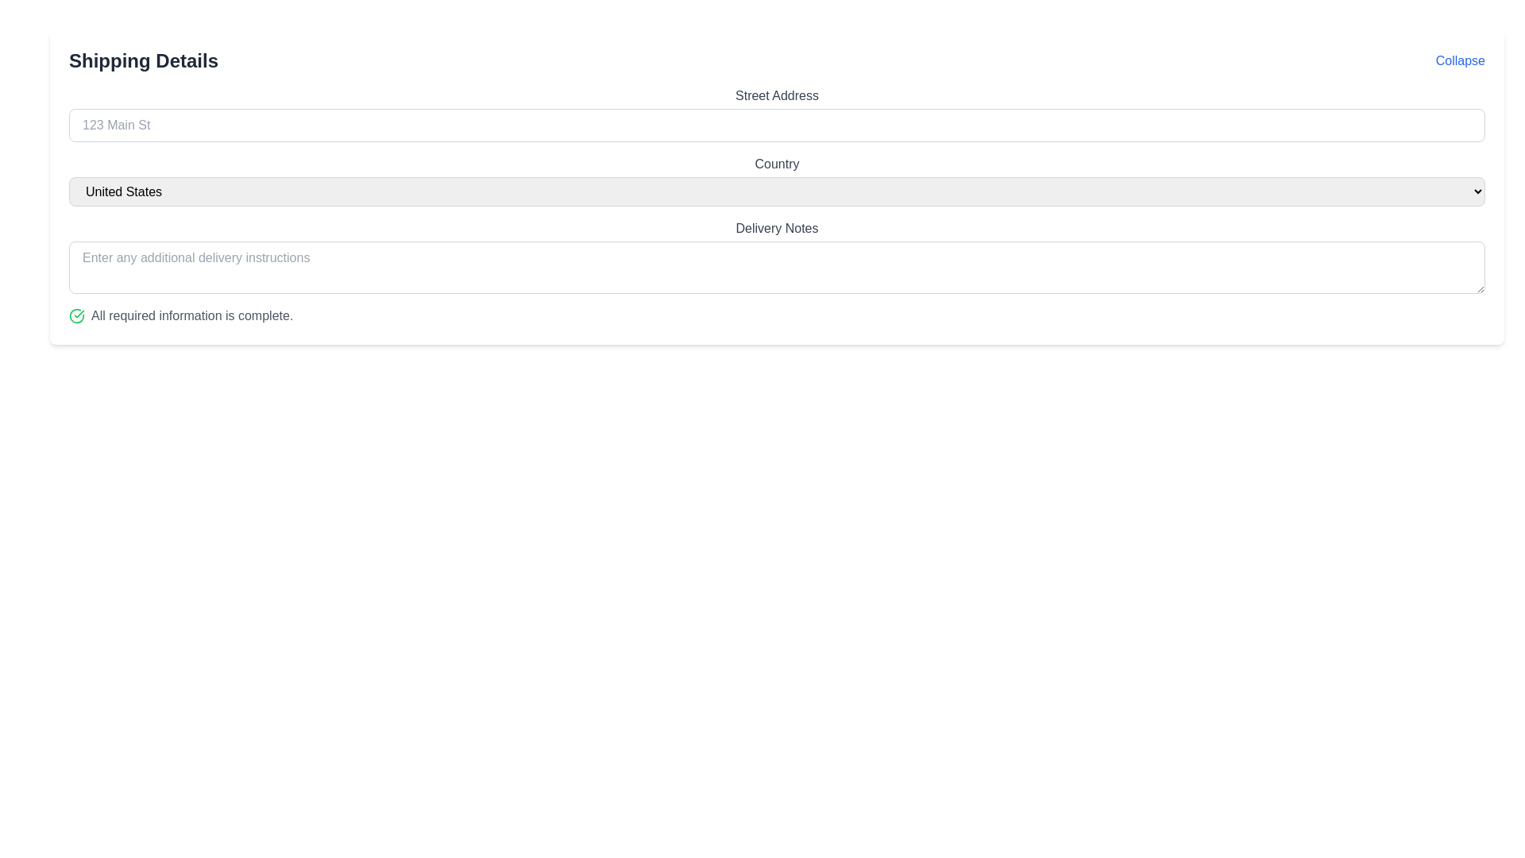  What do you see at coordinates (1460, 60) in the screenshot?
I see `the interactive text link` at bounding box center [1460, 60].